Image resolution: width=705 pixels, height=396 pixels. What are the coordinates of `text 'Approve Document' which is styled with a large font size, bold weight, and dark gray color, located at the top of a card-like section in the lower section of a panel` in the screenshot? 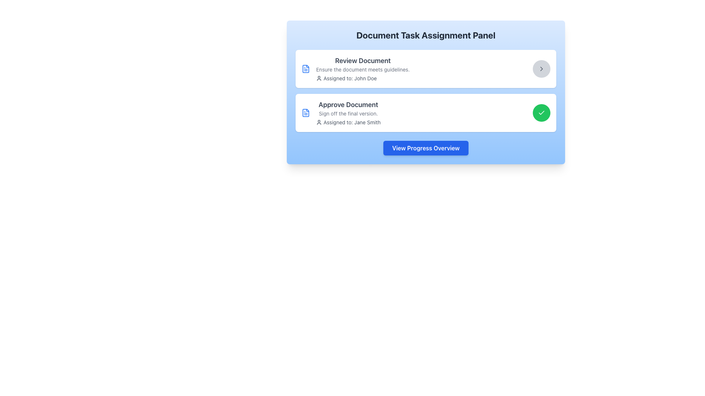 It's located at (348, 104).